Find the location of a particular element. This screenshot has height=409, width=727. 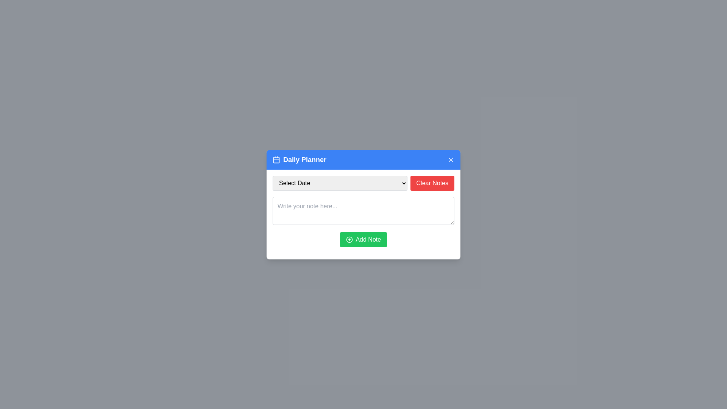

the rectangular button with a red background and white text that reads 'Clear Notes' to clear notes is located at coordinates (432, 183).